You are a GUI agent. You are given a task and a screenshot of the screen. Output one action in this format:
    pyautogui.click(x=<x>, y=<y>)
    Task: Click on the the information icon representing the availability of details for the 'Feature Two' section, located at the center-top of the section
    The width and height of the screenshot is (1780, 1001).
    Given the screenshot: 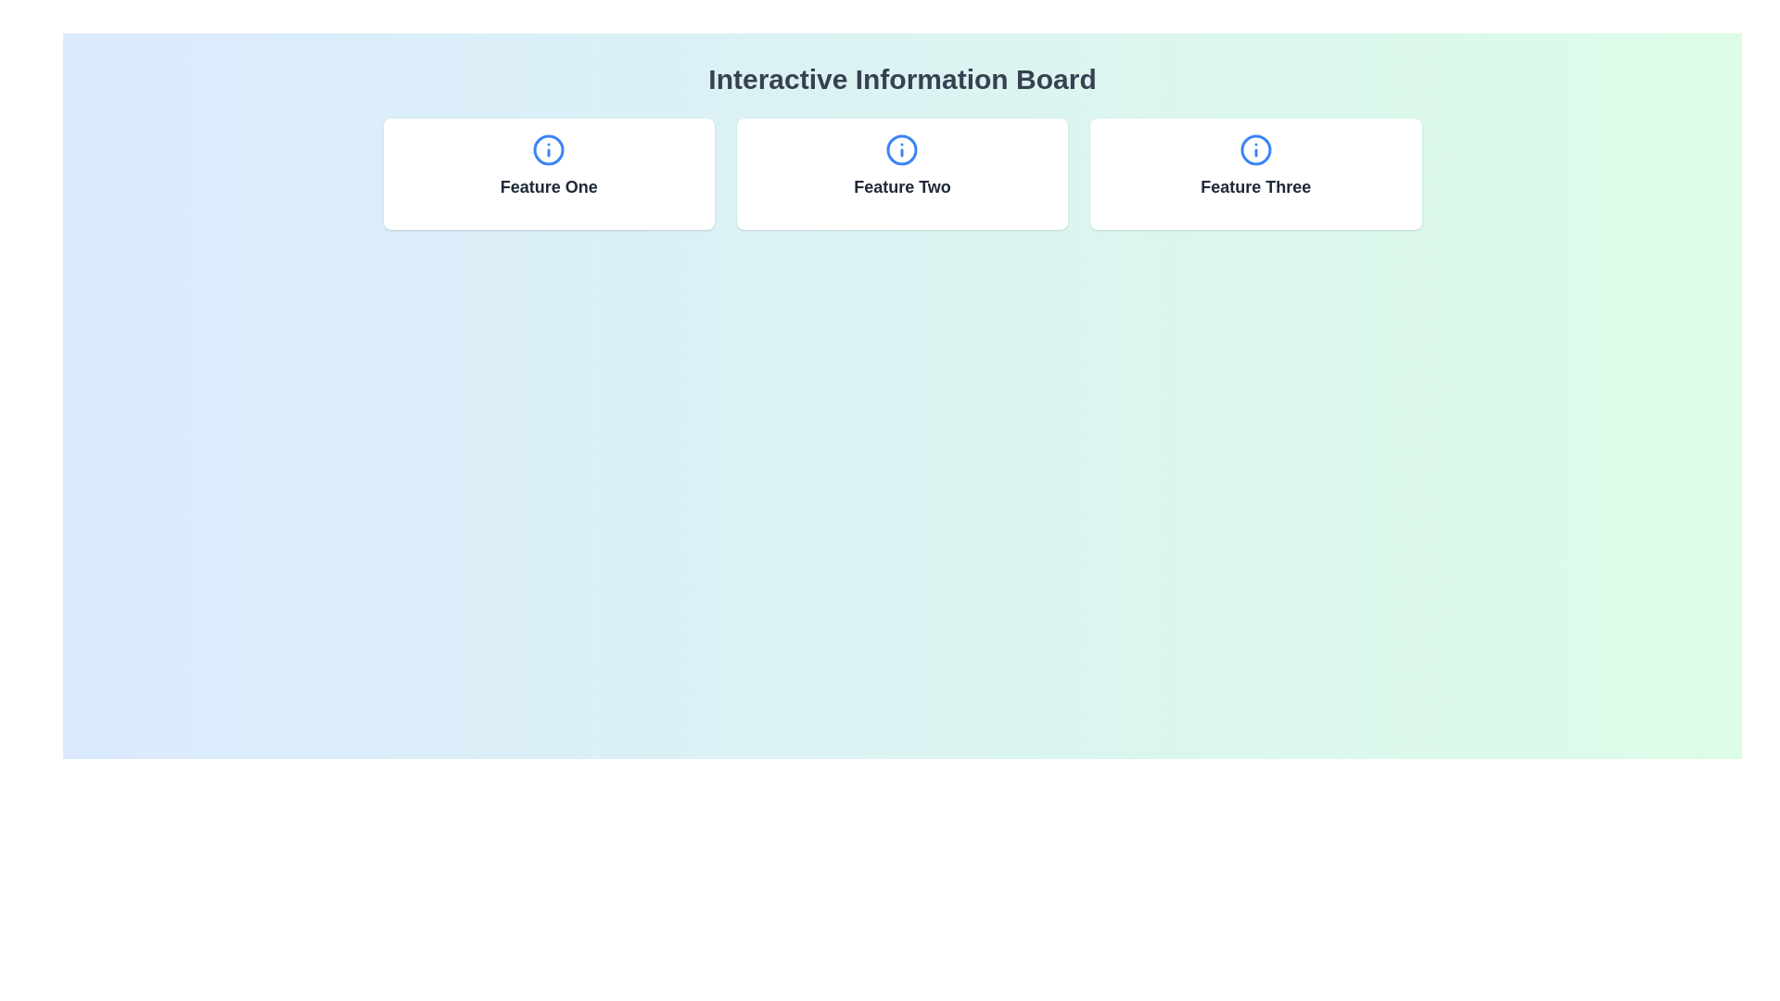 What is the action you would take?
    pyautogui.click(x=902, y=149)
    